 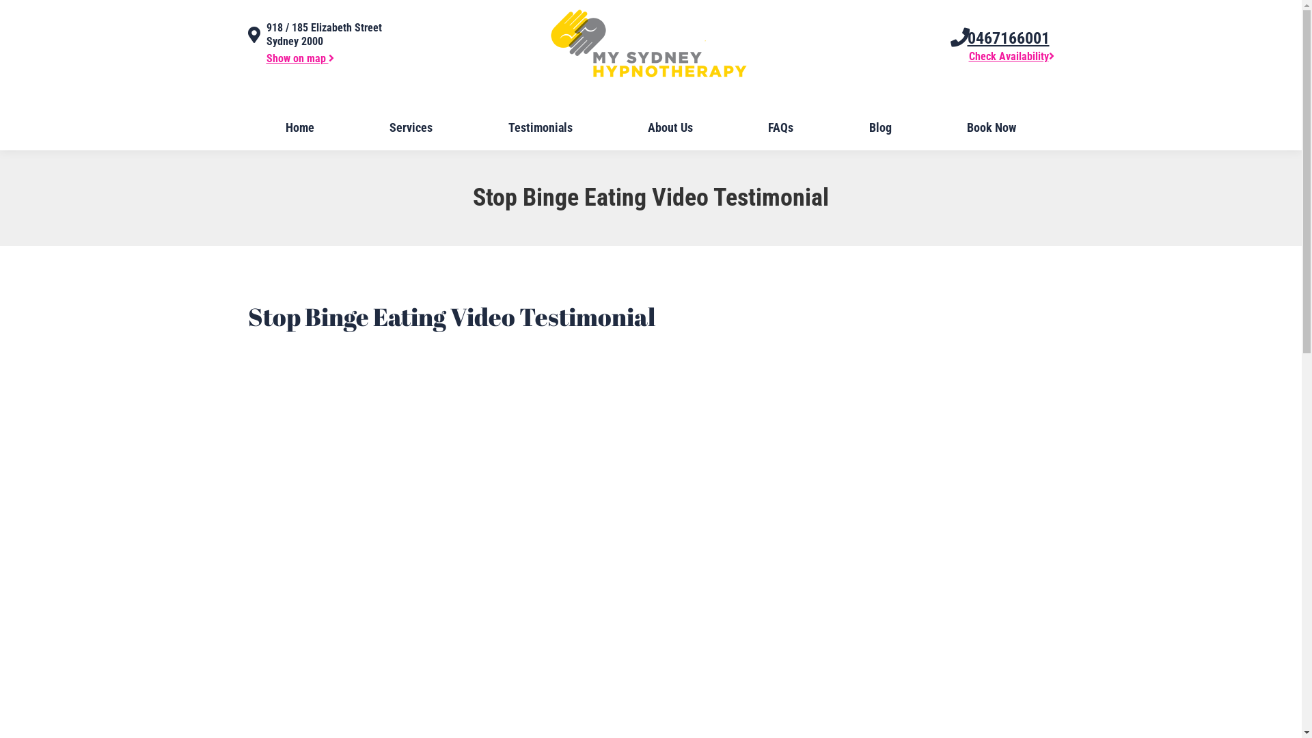 What do you see at coordinates (299, 57) in the screenshot?
I see `'Show on map'` at bounding box center [299, 57].